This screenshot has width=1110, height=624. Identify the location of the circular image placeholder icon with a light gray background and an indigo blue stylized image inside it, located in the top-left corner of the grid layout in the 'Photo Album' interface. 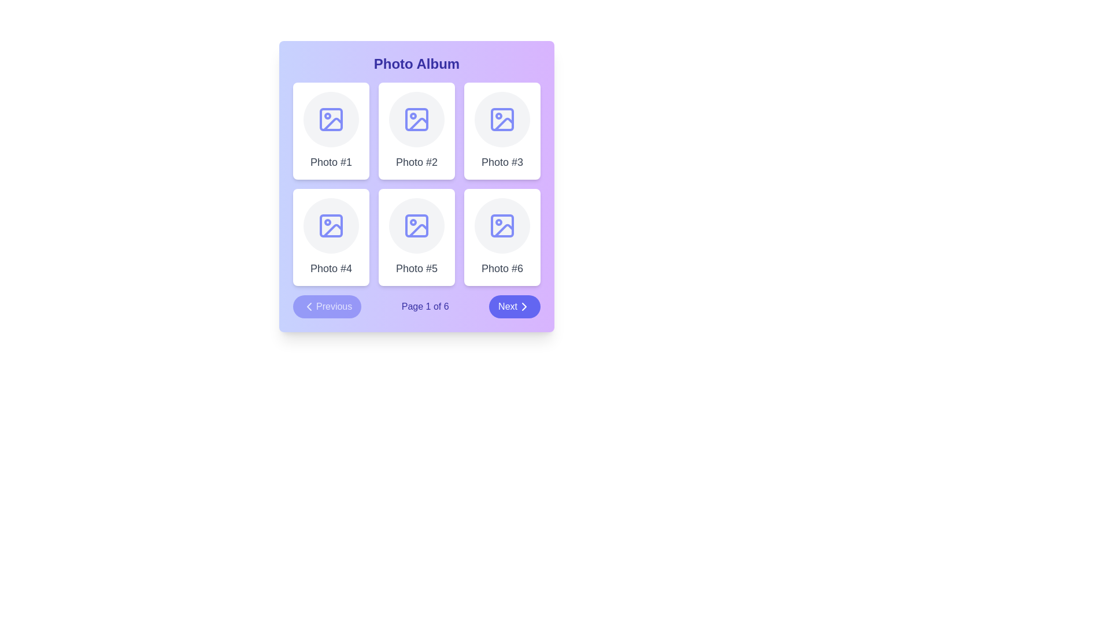
(330, 120).